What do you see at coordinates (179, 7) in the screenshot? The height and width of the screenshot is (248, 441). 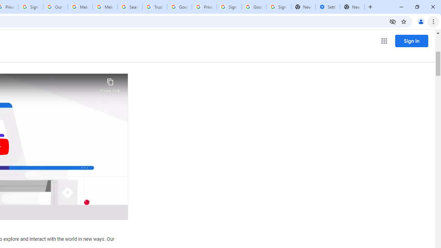 I see `'Google Ads - Sign in'` at bounding box center [179, 7].